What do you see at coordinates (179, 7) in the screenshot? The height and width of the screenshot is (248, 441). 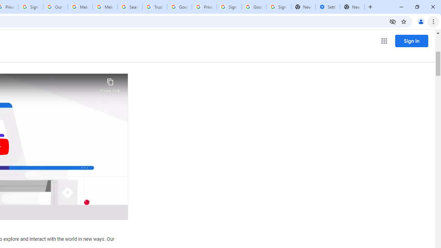 I see `'Google Ads - Sign in'` at bounding box center [179, 7].